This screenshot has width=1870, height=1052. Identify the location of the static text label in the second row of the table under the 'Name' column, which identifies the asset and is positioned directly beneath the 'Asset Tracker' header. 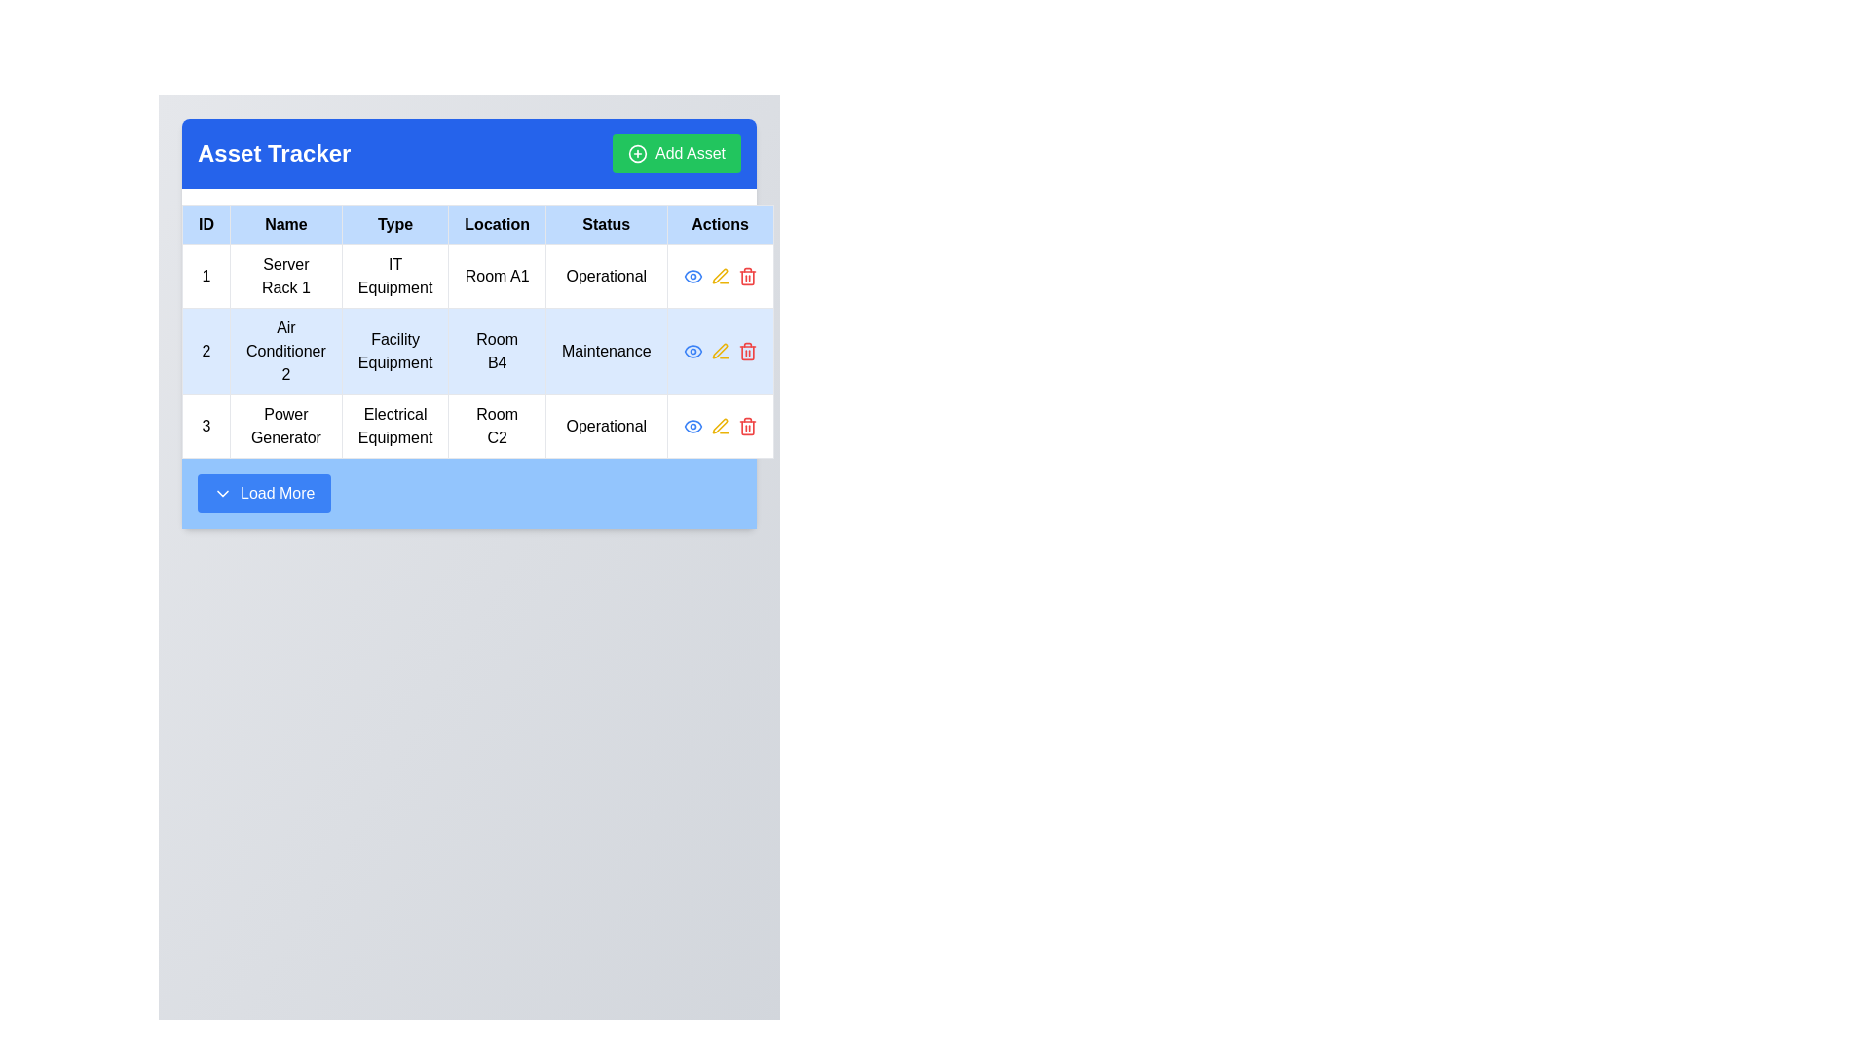
(284, 352).